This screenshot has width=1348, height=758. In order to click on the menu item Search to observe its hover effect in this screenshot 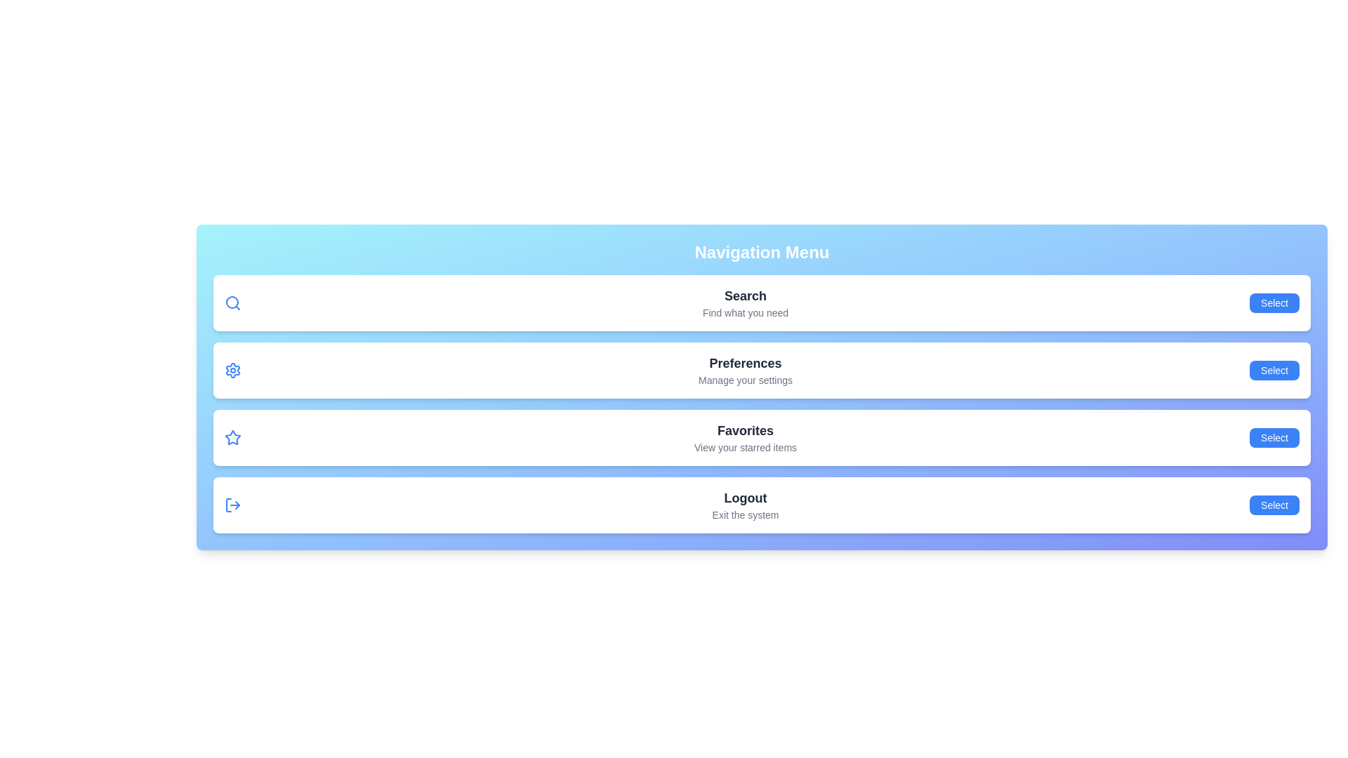, I will do `click(761, 302)`.